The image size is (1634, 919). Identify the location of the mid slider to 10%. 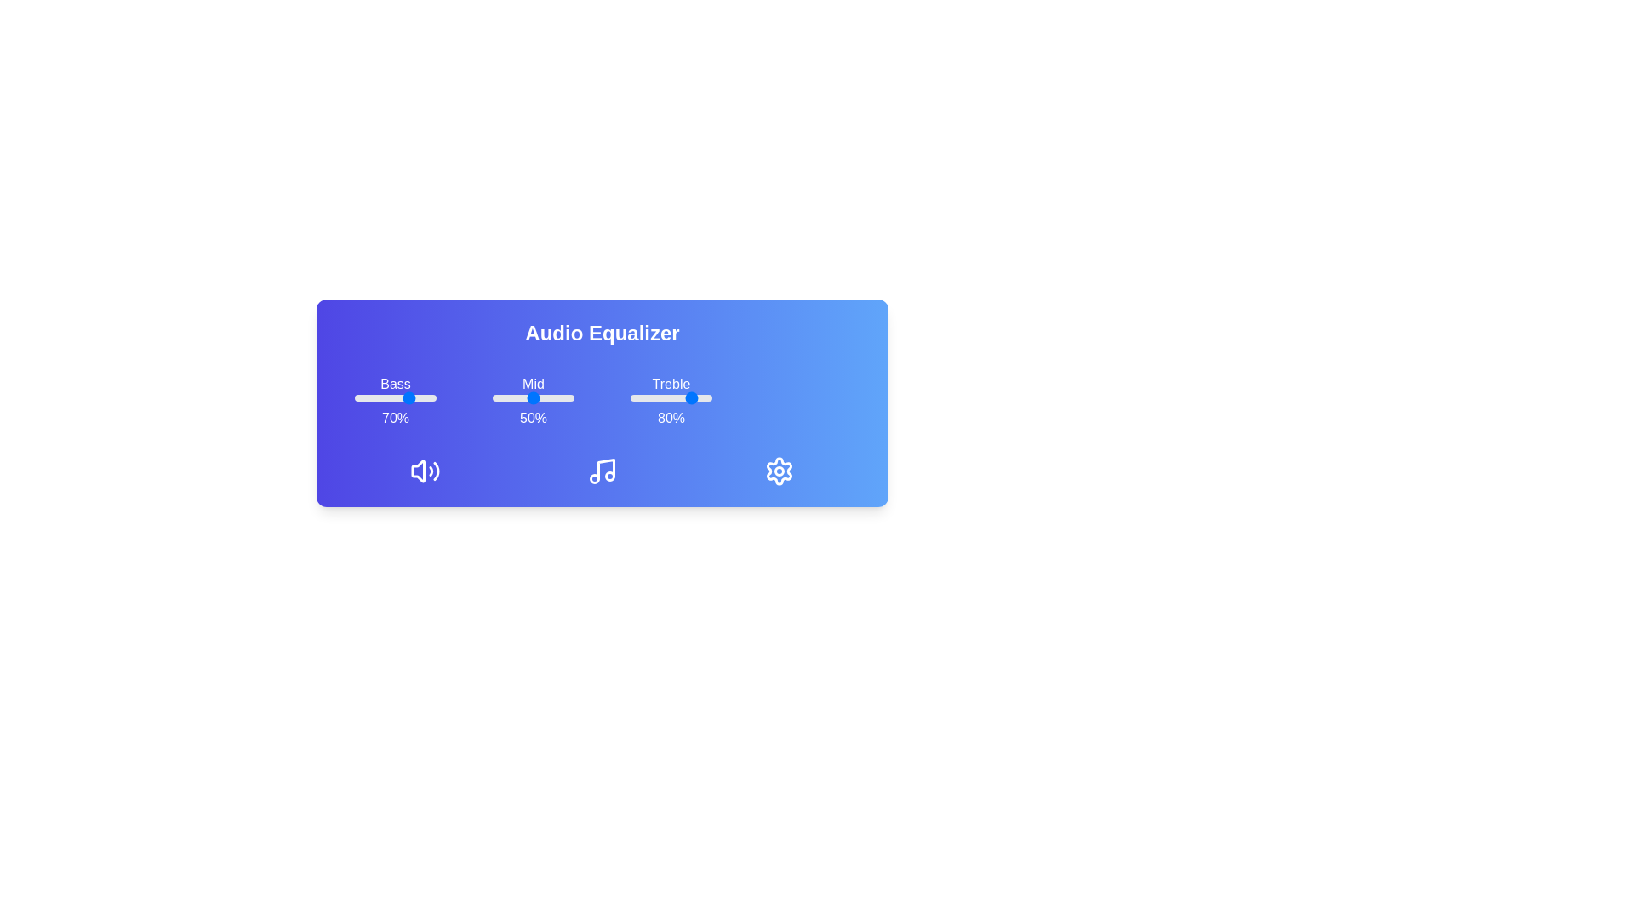
(500, 397).